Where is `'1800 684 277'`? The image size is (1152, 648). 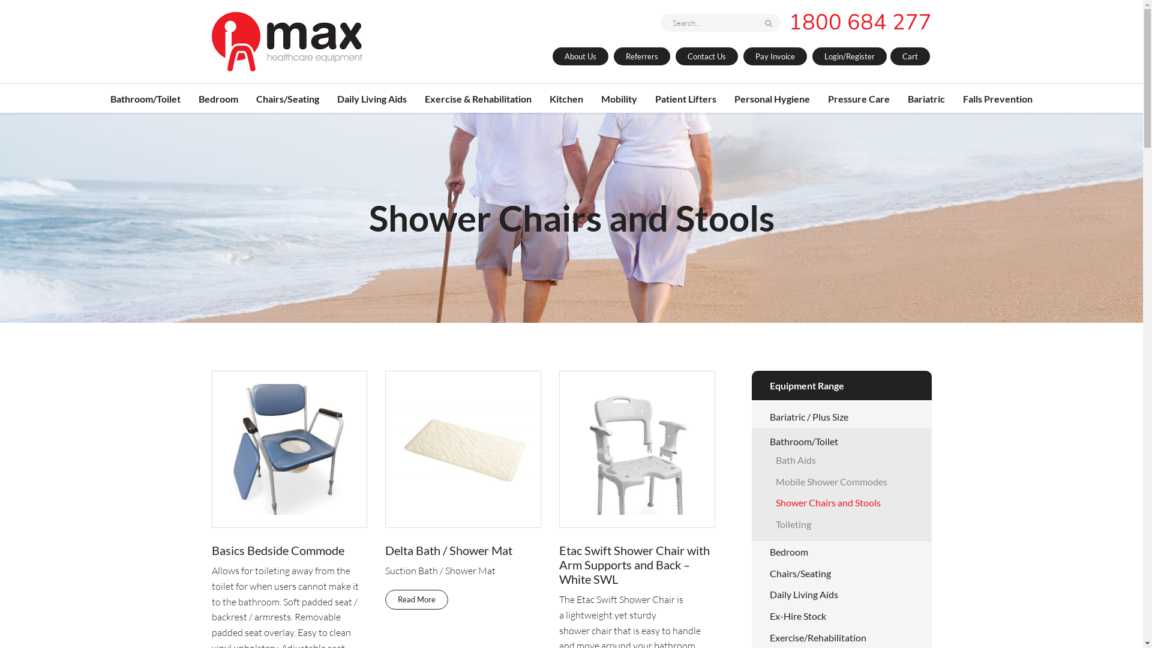
'1800 684 277' is located at coordinates (788, 22).